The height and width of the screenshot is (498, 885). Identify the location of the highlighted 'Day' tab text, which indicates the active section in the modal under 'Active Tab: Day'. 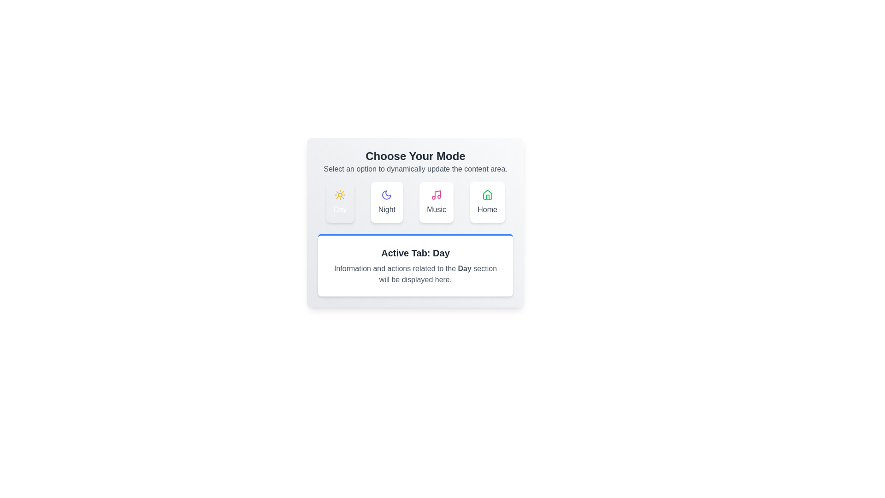
(465, 268).